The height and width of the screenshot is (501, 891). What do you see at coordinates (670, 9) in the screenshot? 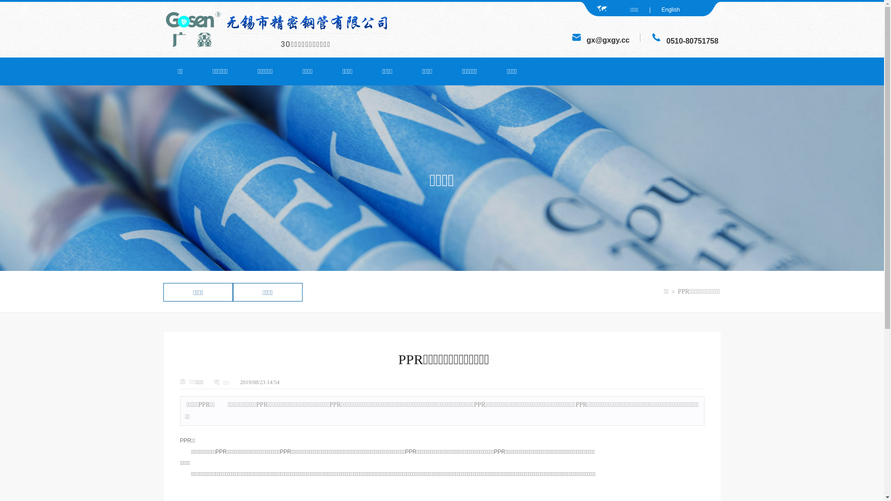
I see `'English'` at bounding box center [670, 9].